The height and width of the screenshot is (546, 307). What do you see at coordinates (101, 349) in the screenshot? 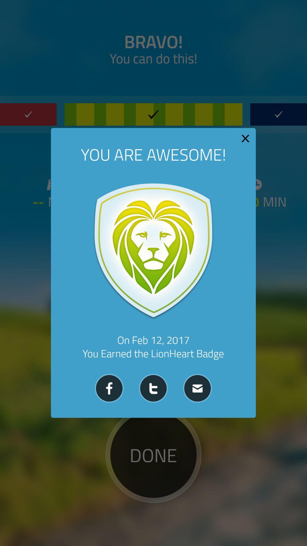
I see `the videocam icon` at bounding box center [101, 349].